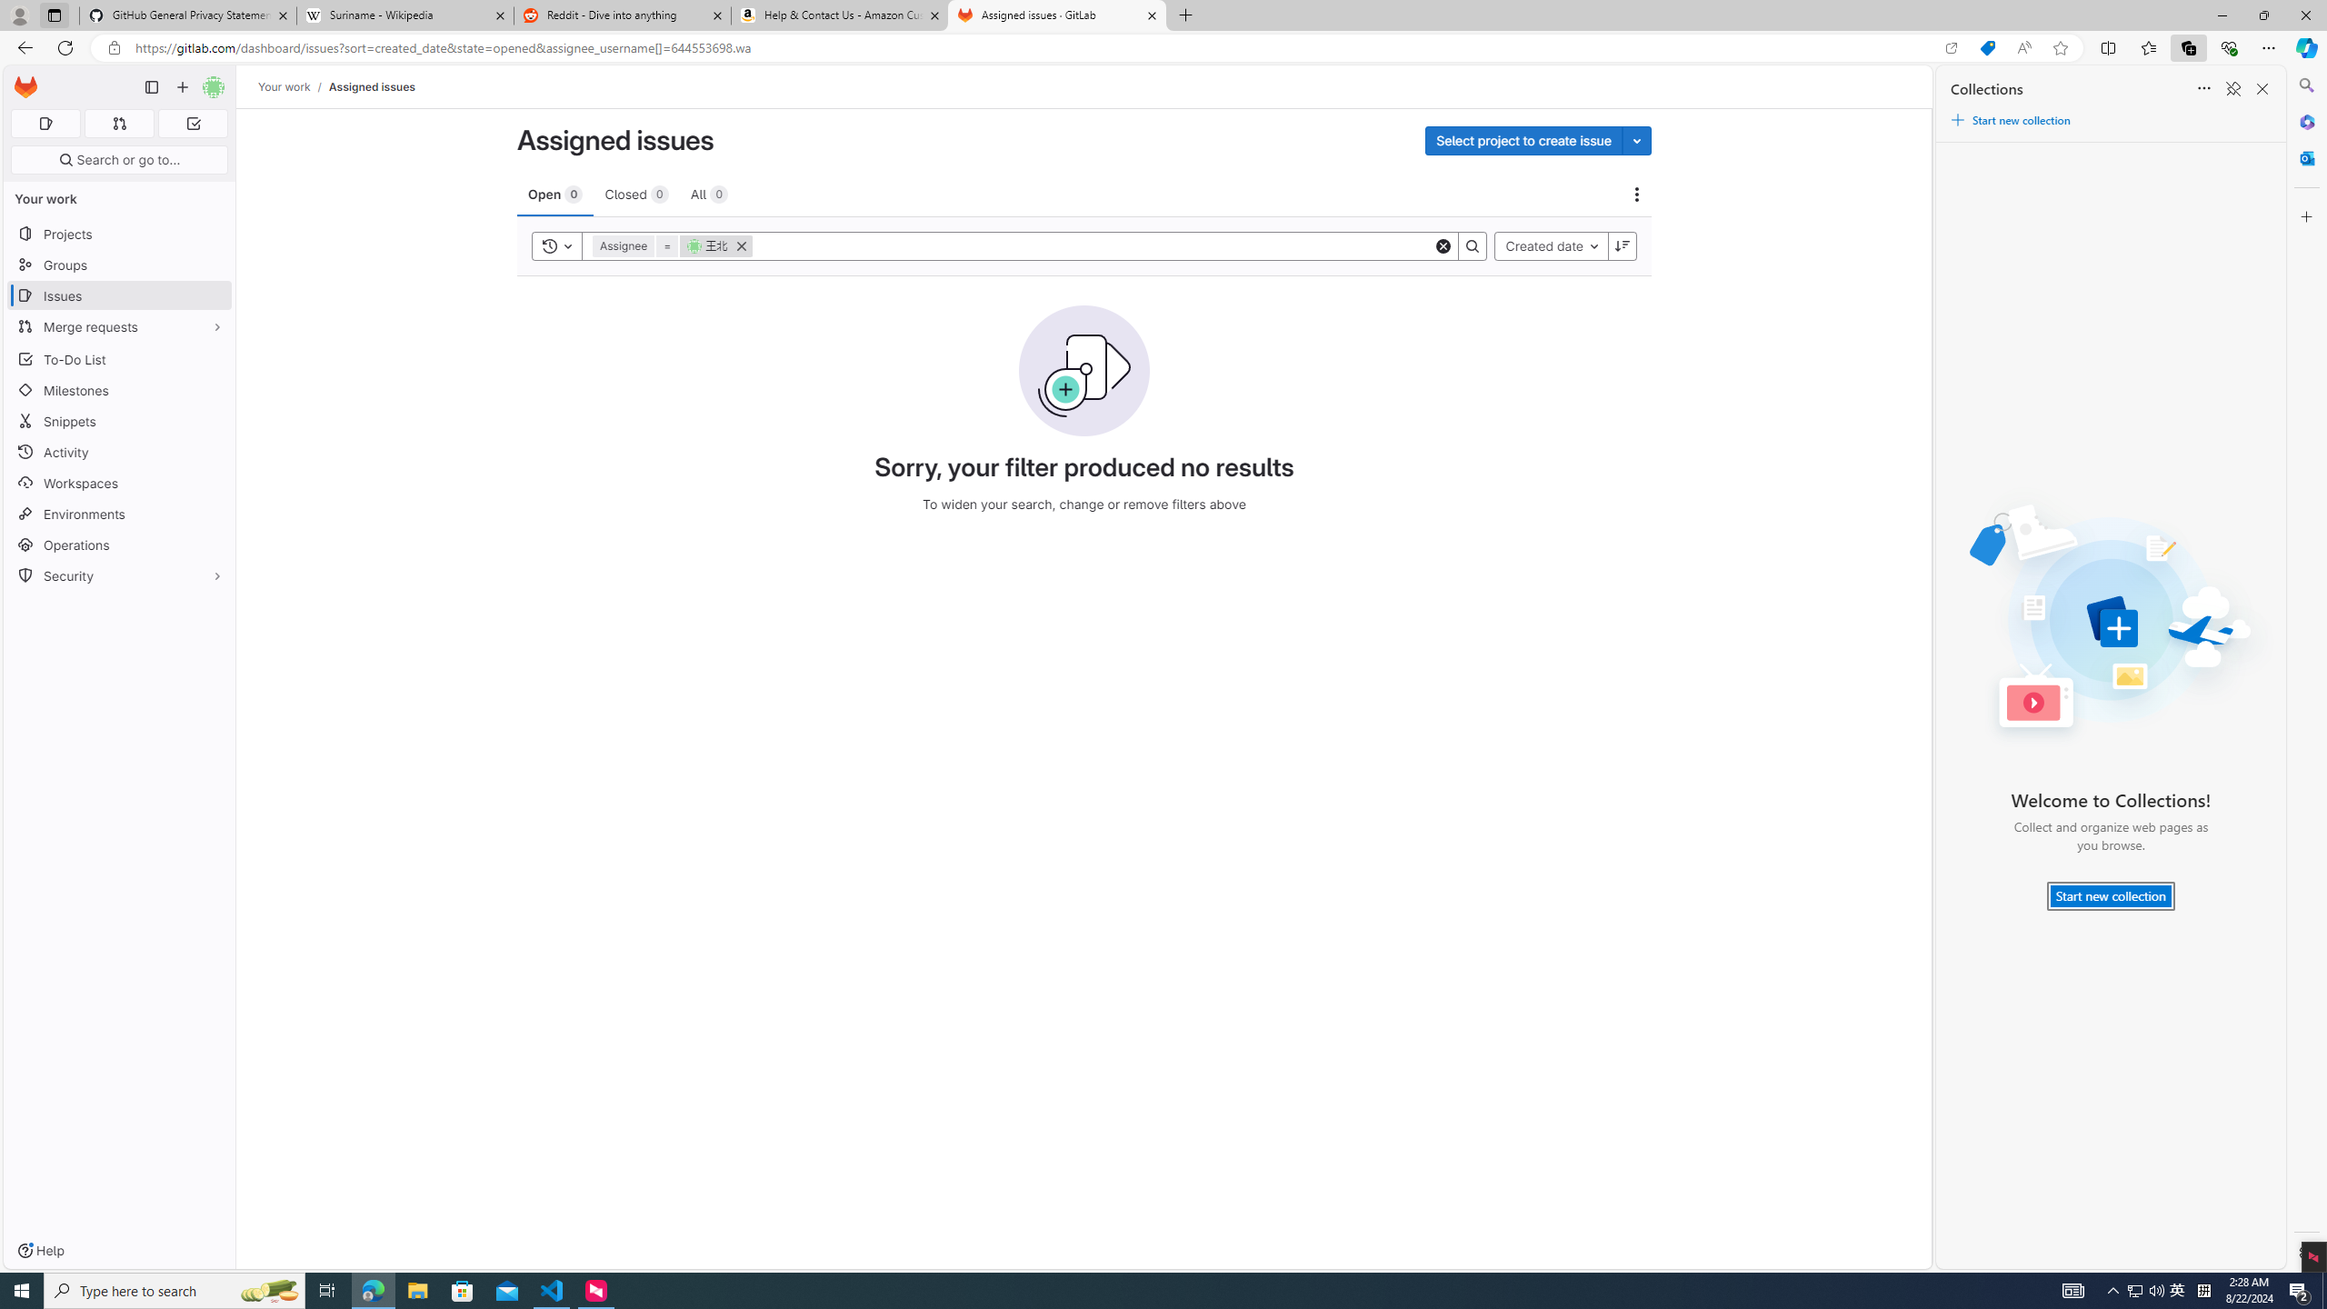  What do you see at coordinates (118, 513) in the screenshot?
I see `'Environments'` at bounding box center [118, 513].